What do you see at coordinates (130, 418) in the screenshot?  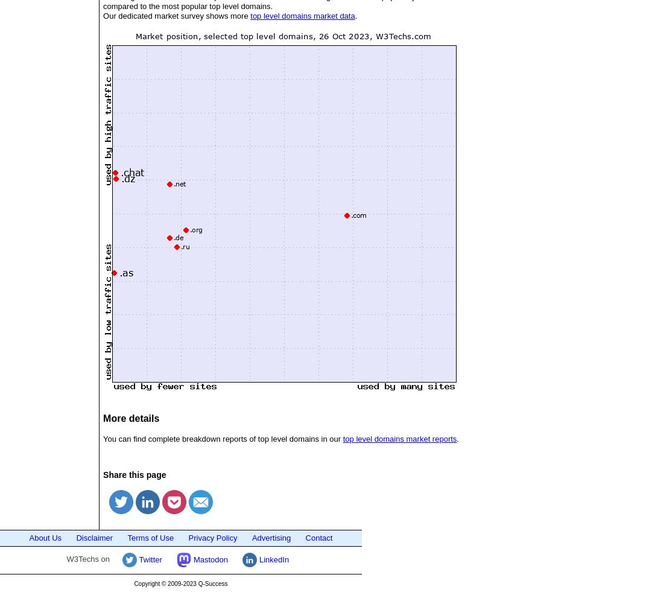 I see `'More details'` at bounding box center [130, 418].